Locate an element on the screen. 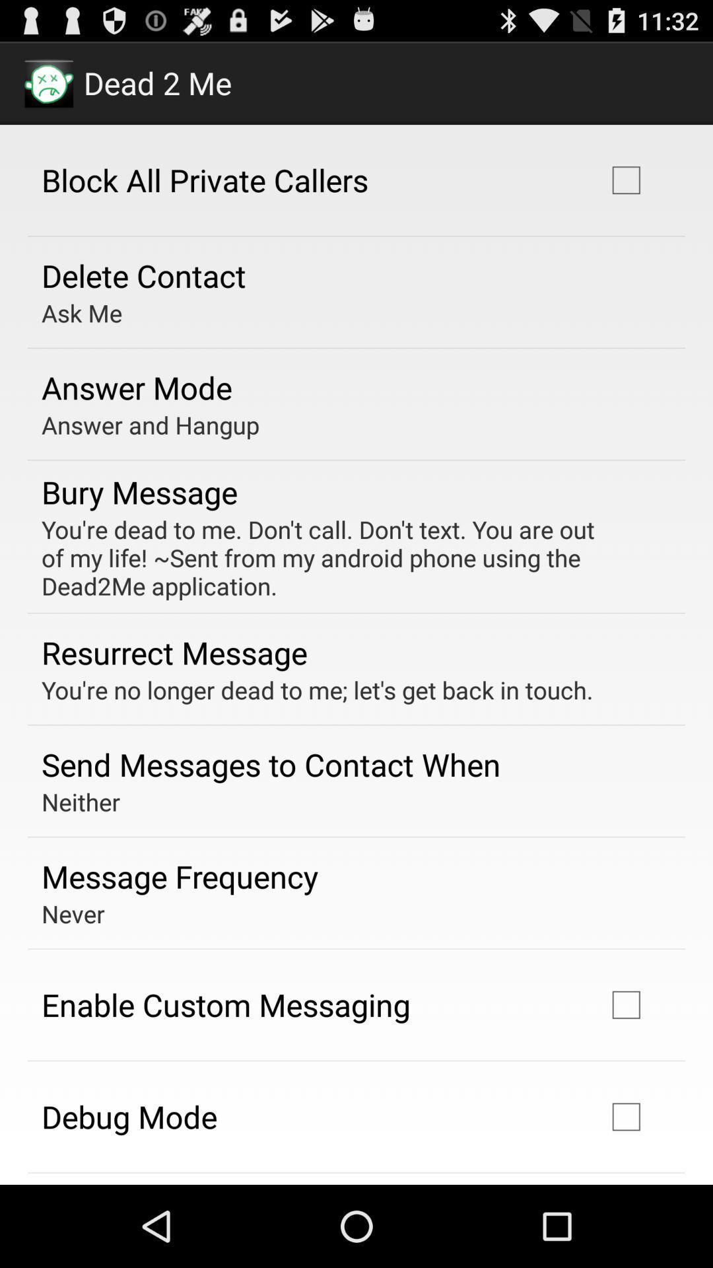 The image size is (713, 1268). the item below delete contact item is located at coordinates (82, 312).